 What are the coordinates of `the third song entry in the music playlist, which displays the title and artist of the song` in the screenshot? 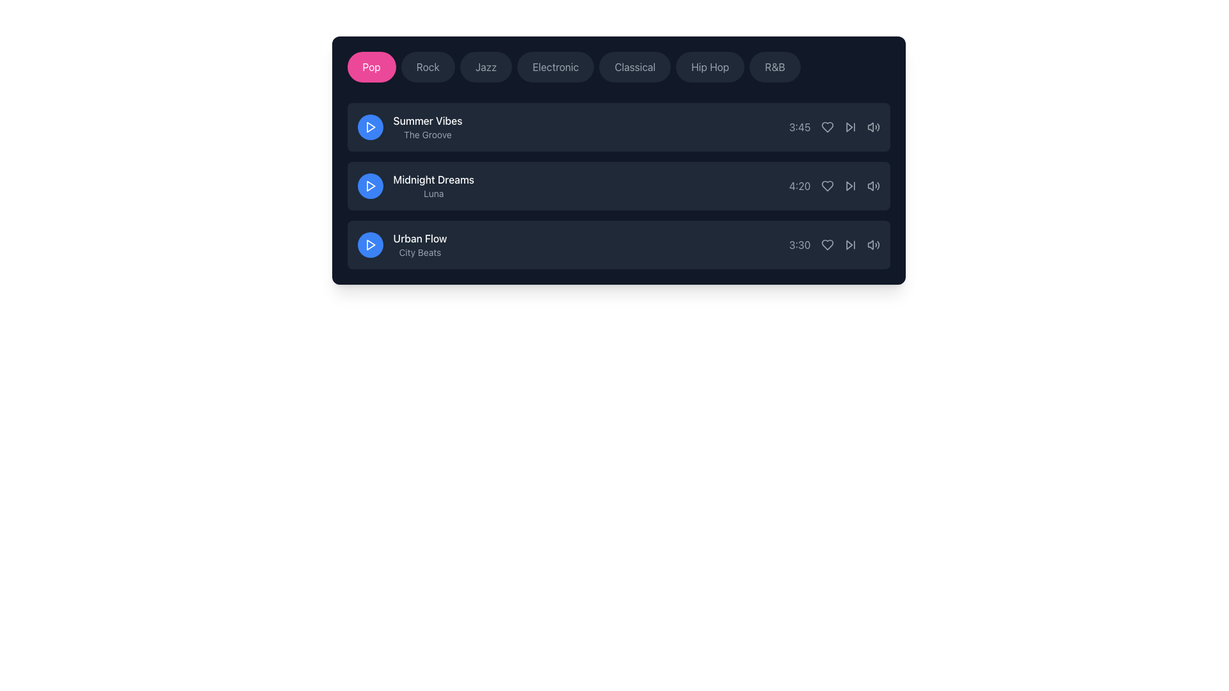 It's located at (401, 244).